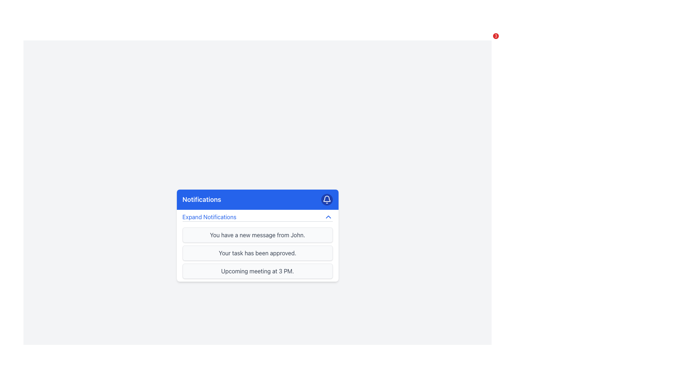 This screenshot has height=390, width=693. Describe the element at coordinates (257, 235) in the screenshot. I see `the Text Display Area that indicates a new message from 'John' in the Notifications panel` at that location.